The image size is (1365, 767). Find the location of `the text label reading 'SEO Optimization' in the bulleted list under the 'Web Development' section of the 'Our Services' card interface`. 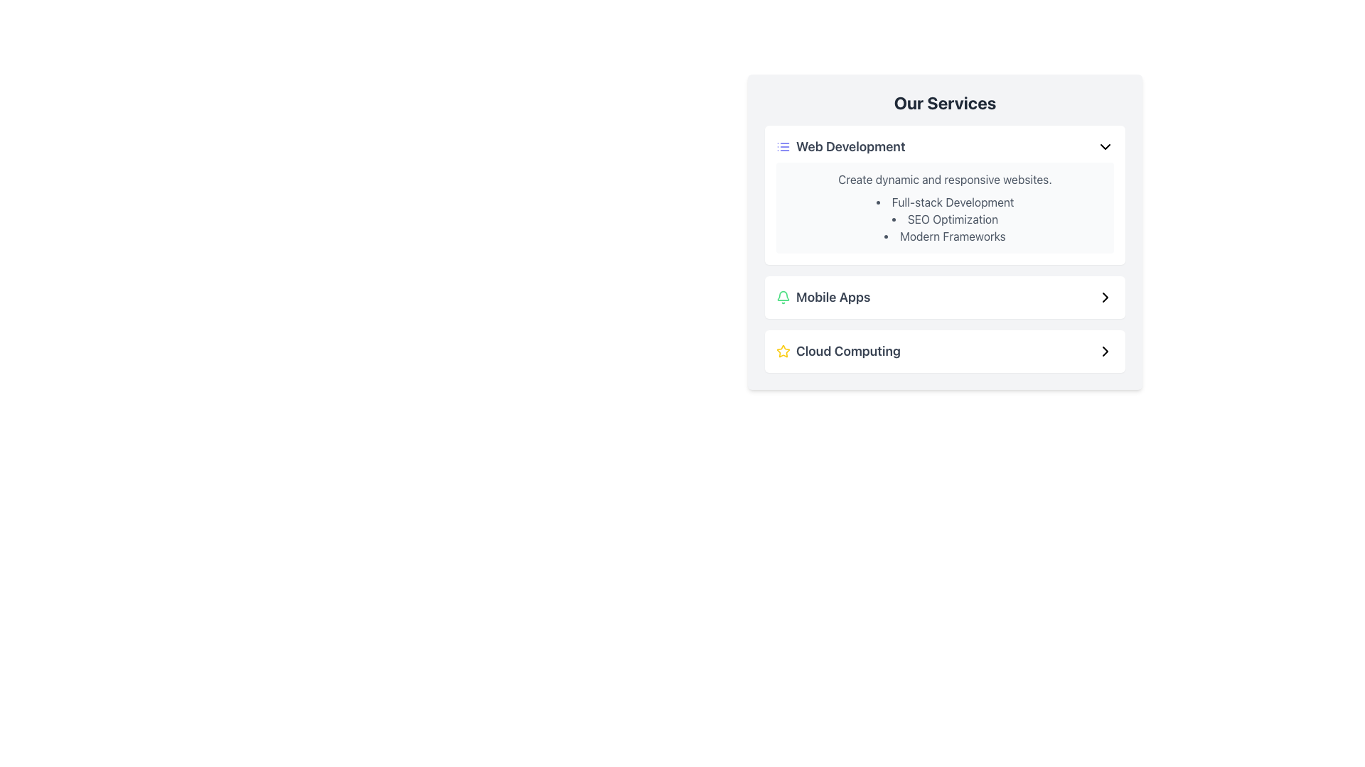

the text label reading 'SEO Optimization' in the bulleted list under the 'Web Development' section of the 'Our Services' card interface is located at coordinates (945, 219).